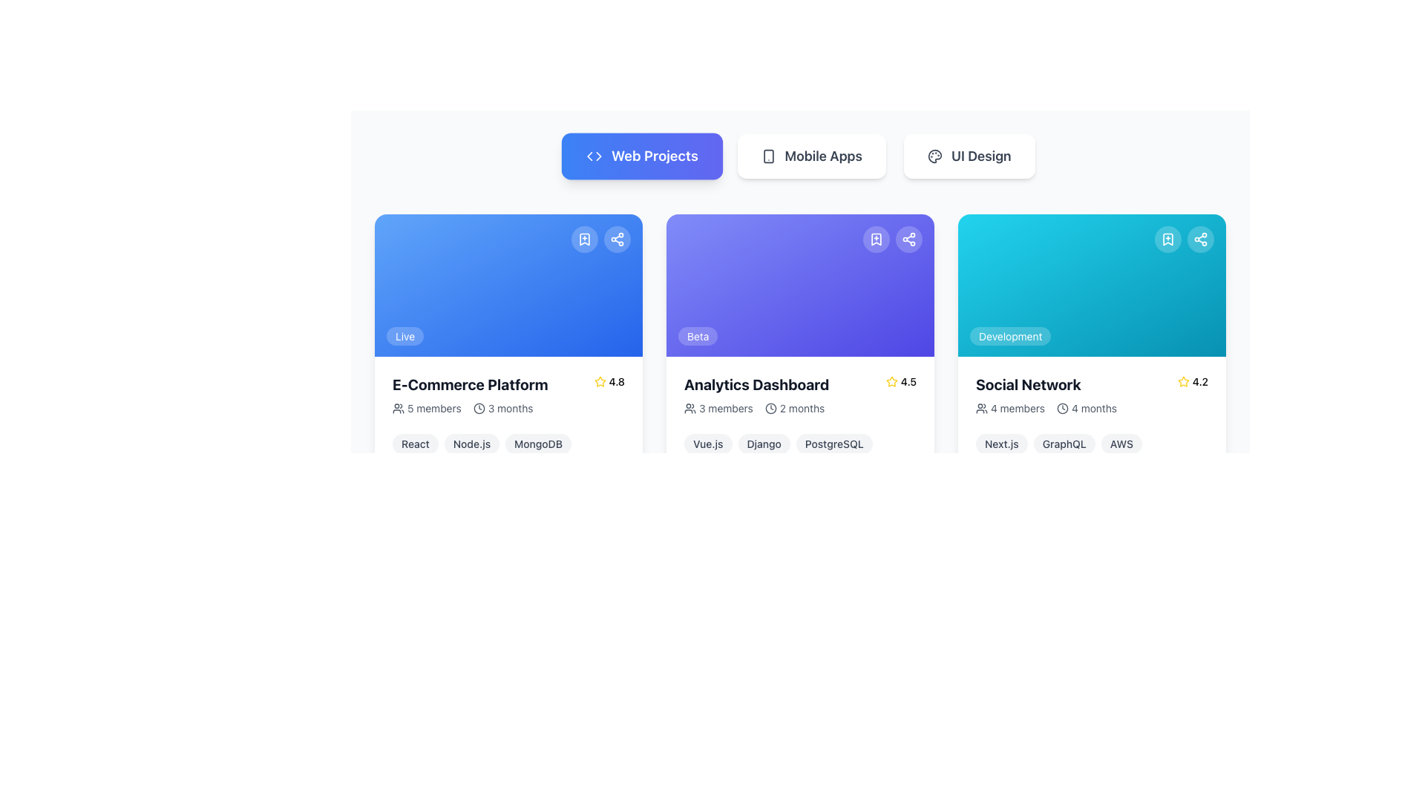  I want to click on the 'GraphQL' tag in the tag list located at the bottom section of the 'Social Network' card for more information, so click(1092, 443).